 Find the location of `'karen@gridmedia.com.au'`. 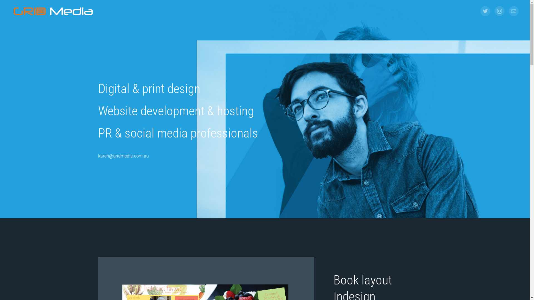

'karen@gridmedia.com.au' is located at coordinates (98, 156).